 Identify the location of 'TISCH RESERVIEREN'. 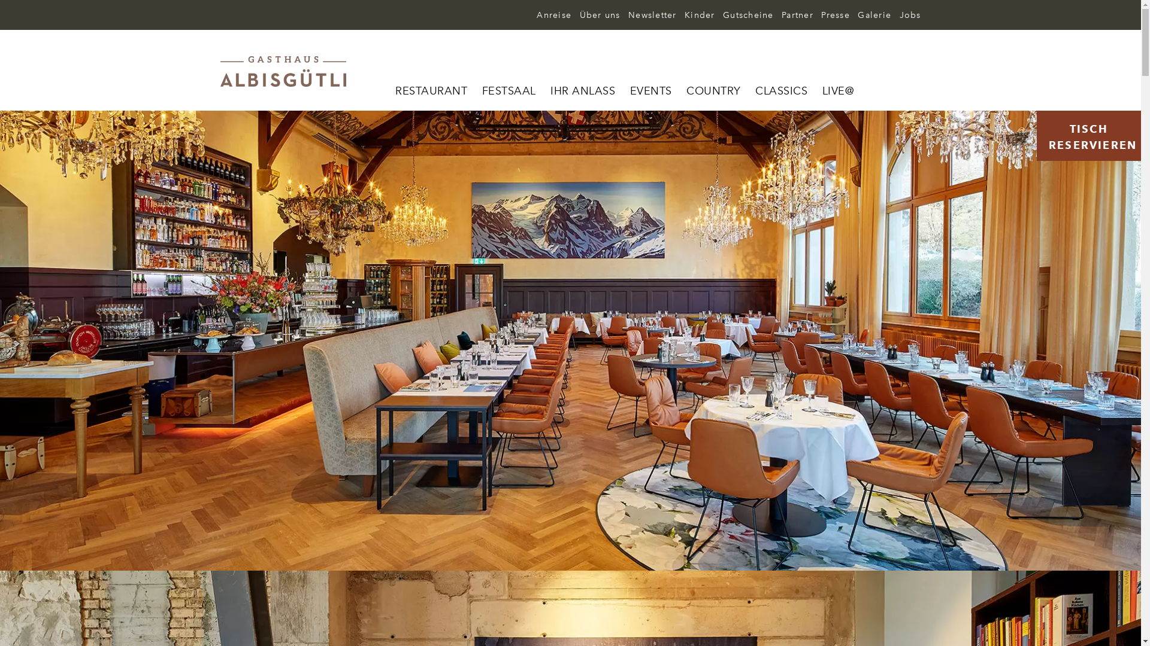
(1089, 135).